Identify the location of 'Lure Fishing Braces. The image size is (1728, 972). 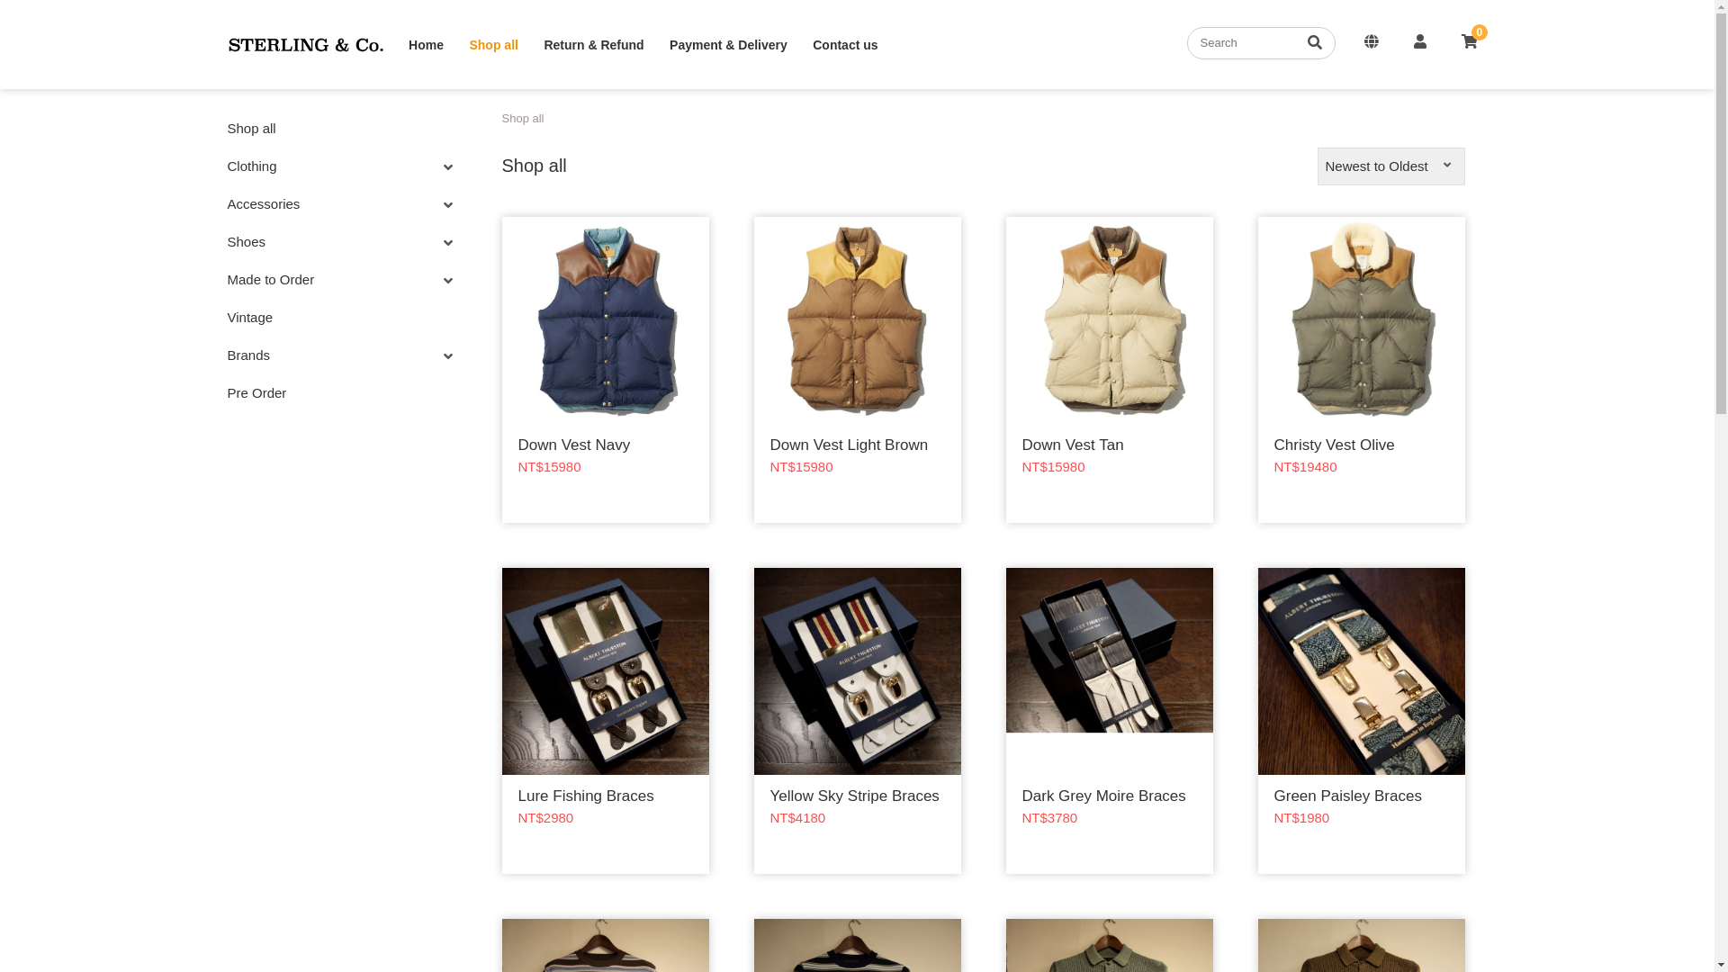
(605, 720).